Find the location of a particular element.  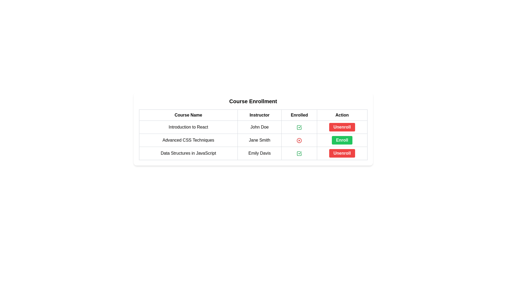

the red 'Unenroll' button with rounded corners located in the 'Action' column of the 'Course Enrollment' table for 'Data Structures in JavaScript' to unenroll from the course is located at coordinates (342, 153).